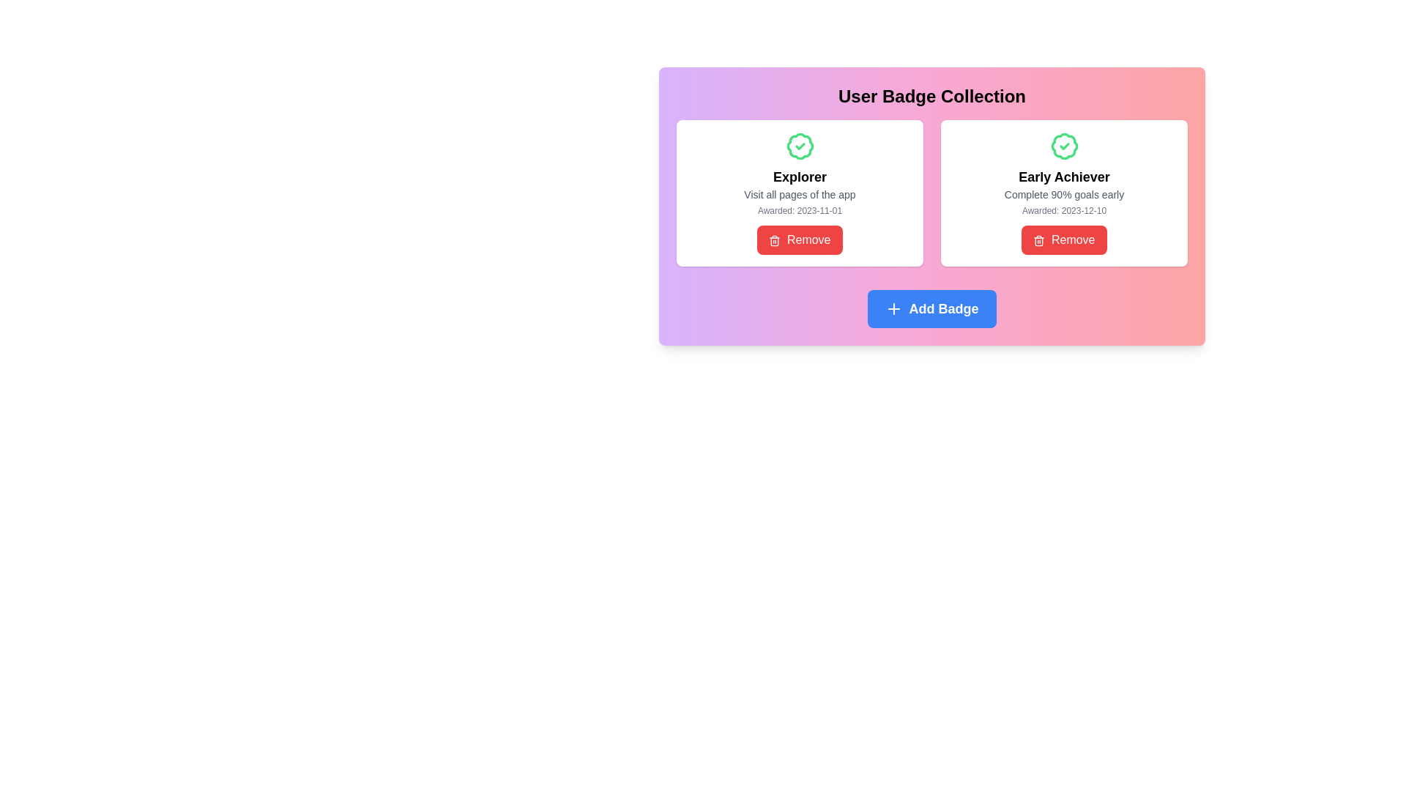  Describe the element at coordinates (1038, 239) in the screenshot. I see `the delete icon inside the red rounded rectangle 'Remove' button` at that location.